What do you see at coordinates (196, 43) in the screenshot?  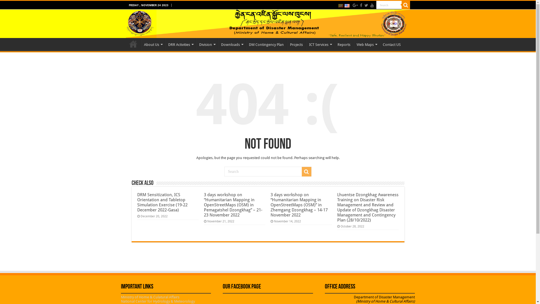 I see `'Division'` at bounding box center [196, 43].